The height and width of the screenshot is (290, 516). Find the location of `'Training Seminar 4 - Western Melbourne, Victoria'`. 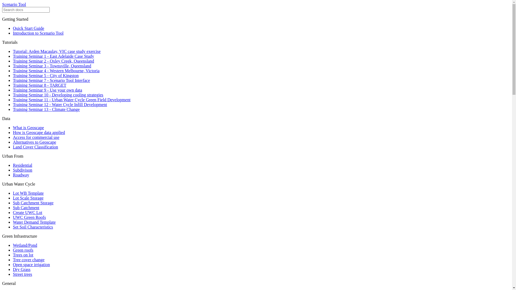

'Training Seminar 4 - Western Melbourne, Victoria' is located at coordinates (56, 70).